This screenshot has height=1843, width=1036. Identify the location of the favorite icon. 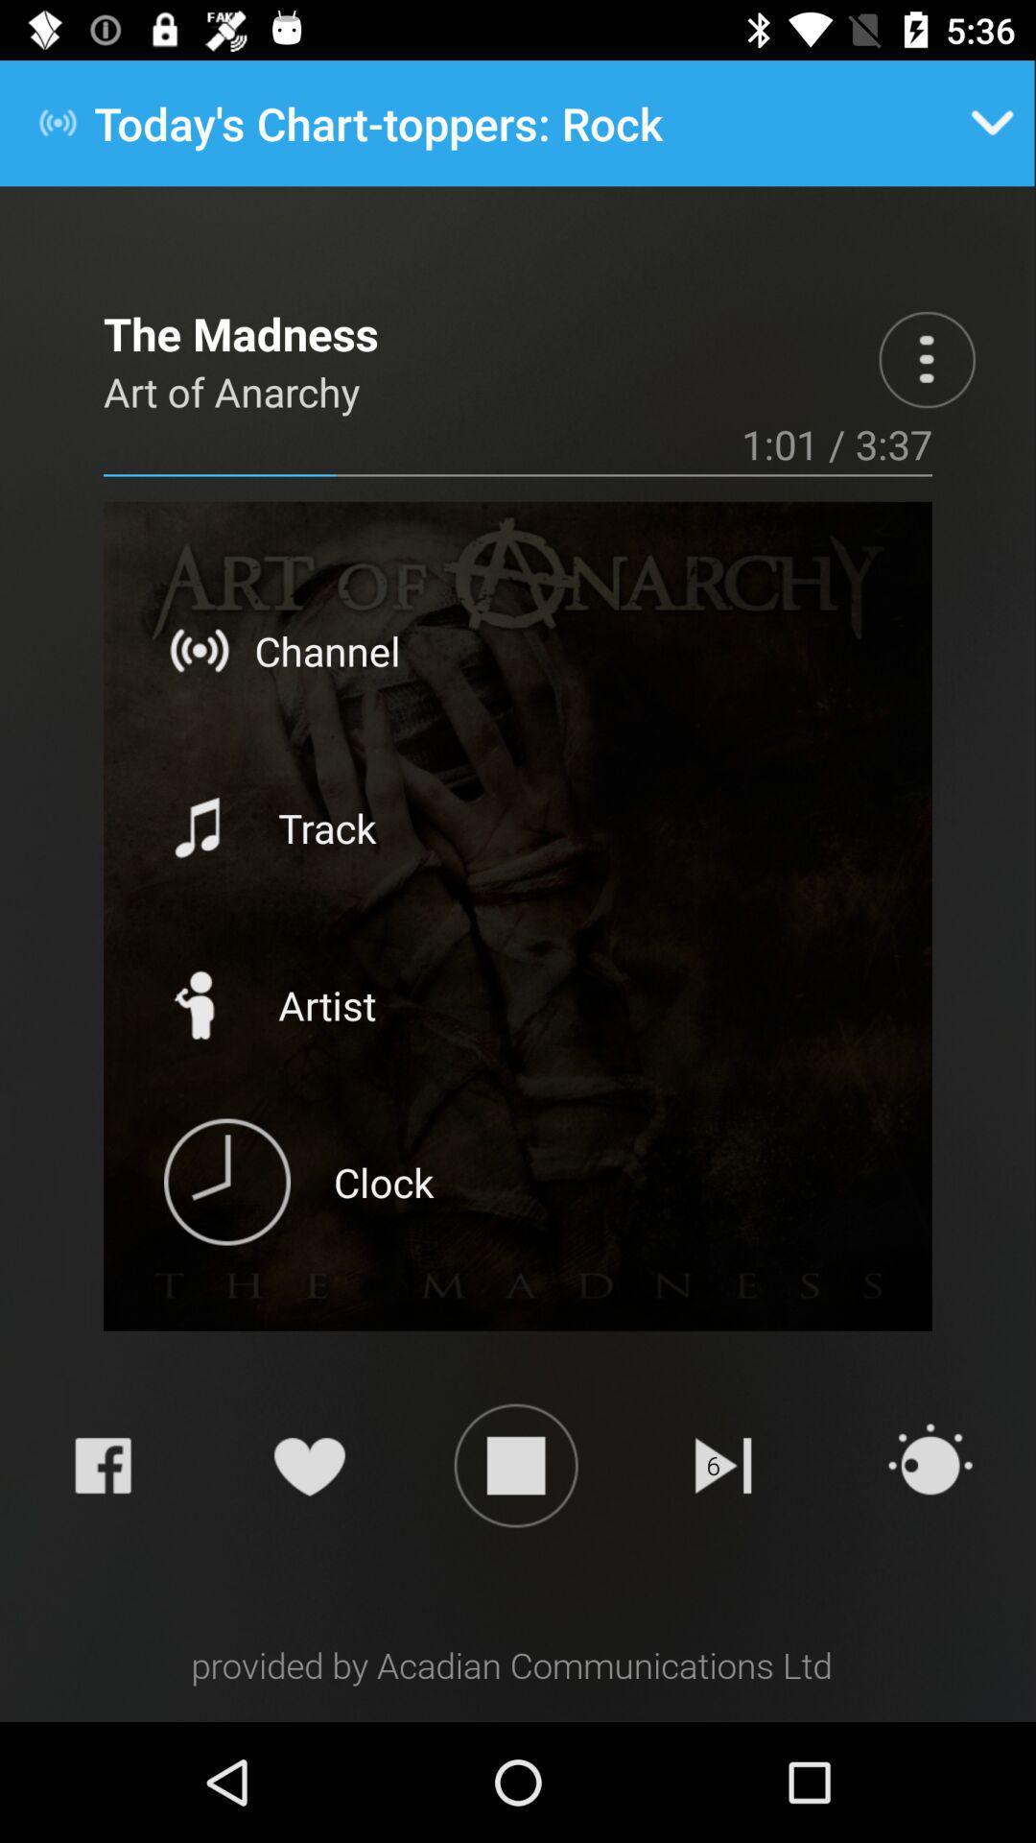
(308, 1464).